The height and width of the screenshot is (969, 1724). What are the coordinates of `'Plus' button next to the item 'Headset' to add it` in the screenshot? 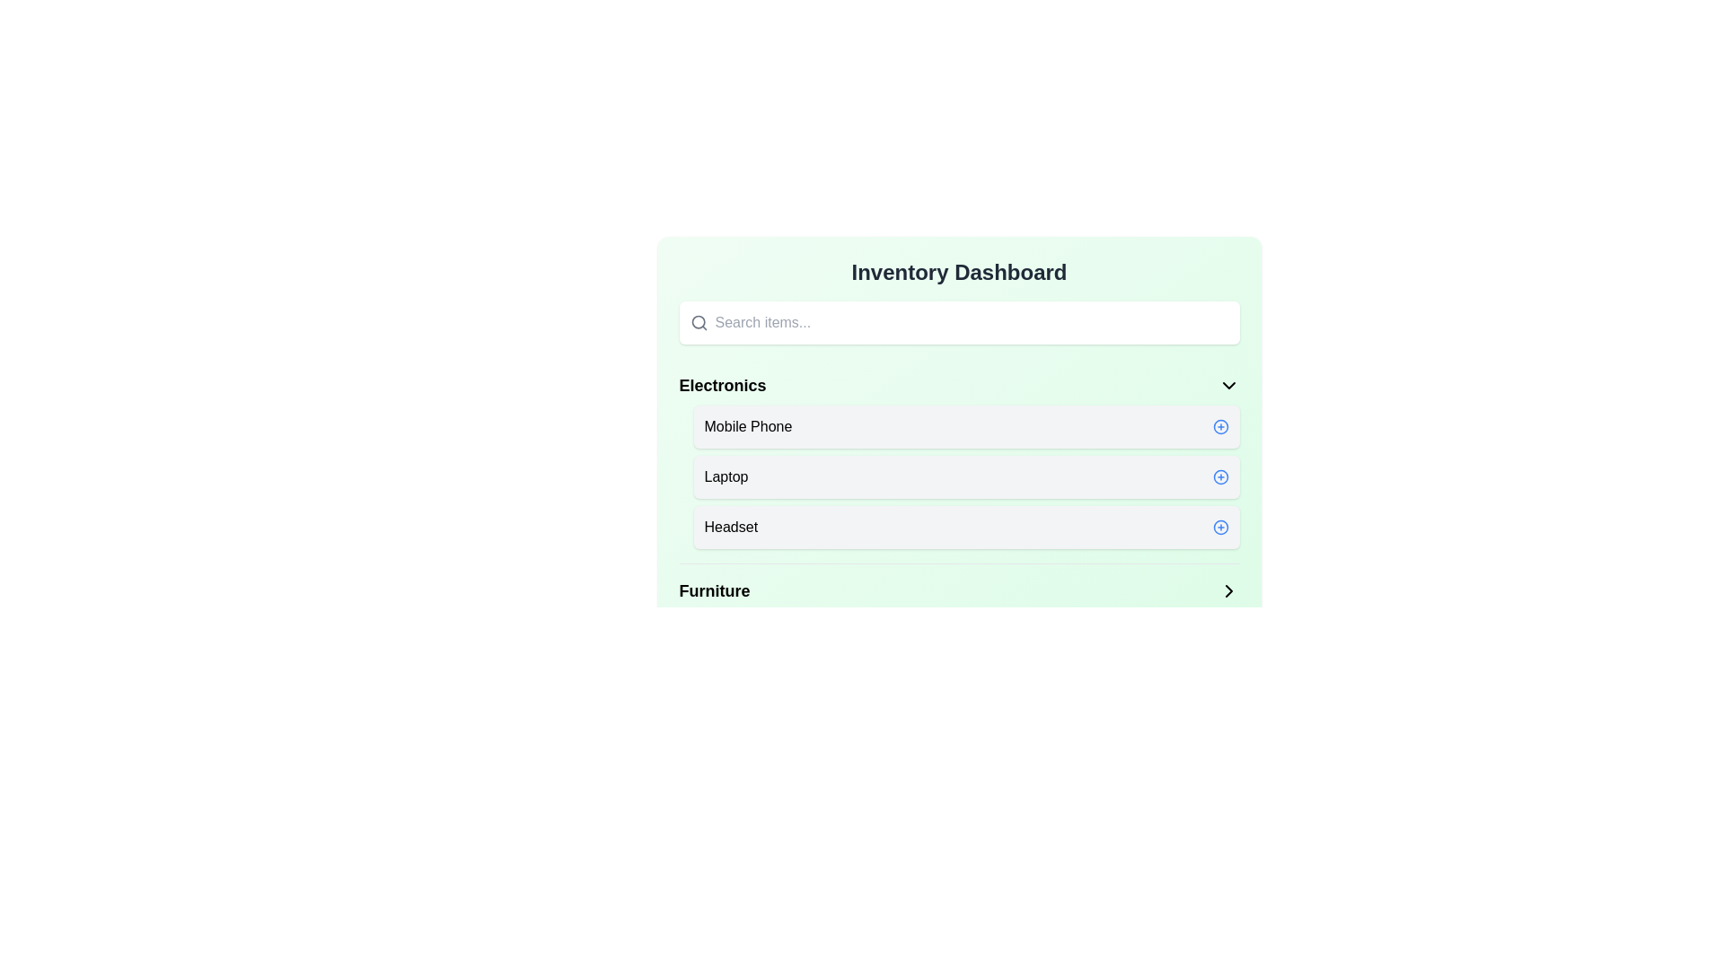 It's located at (1220, 526).